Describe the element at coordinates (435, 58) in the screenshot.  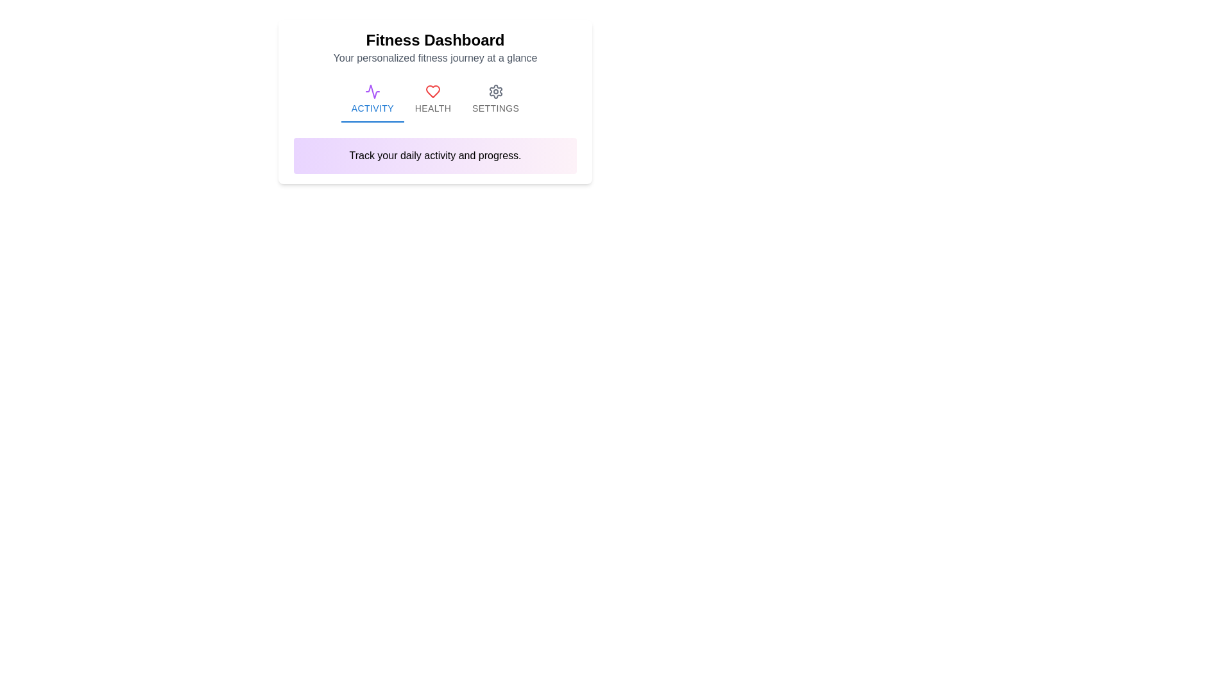
I see `the subtitle text label providing context for the 'Fitness Dashboard', located directly below the heading and centered horizontally` at that location.